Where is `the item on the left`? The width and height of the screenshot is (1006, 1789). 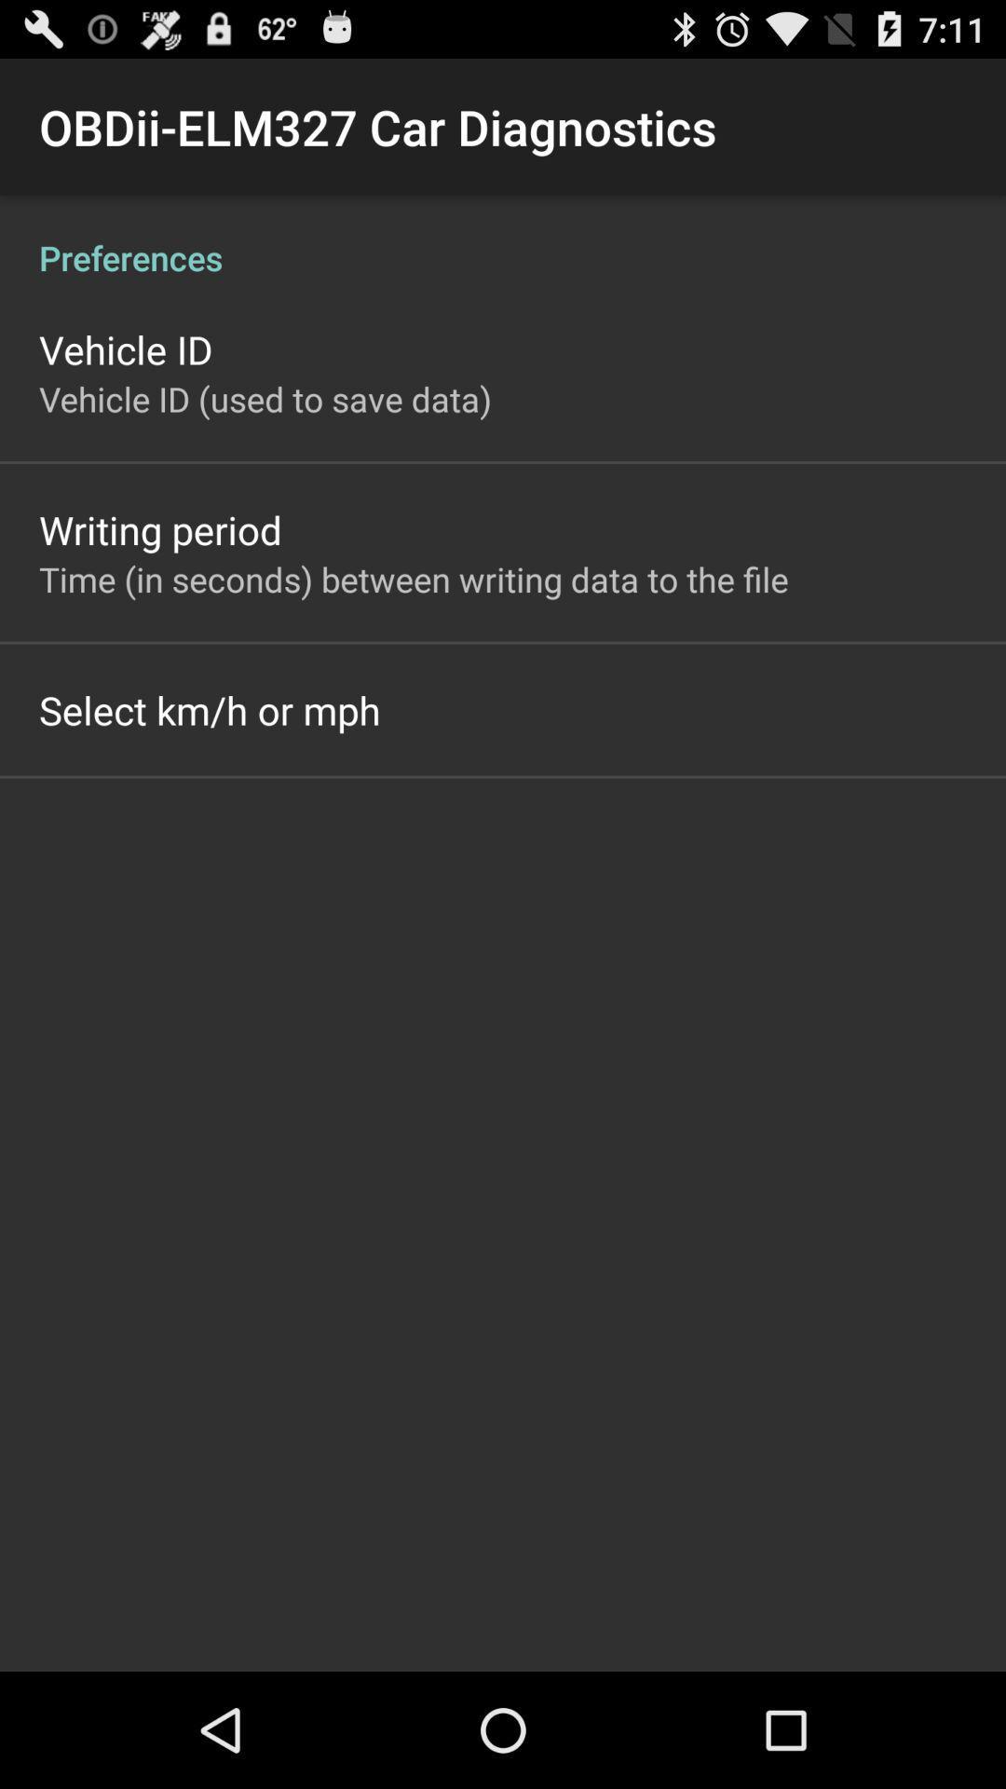 the item on the left is located at coordinates (210, 709).